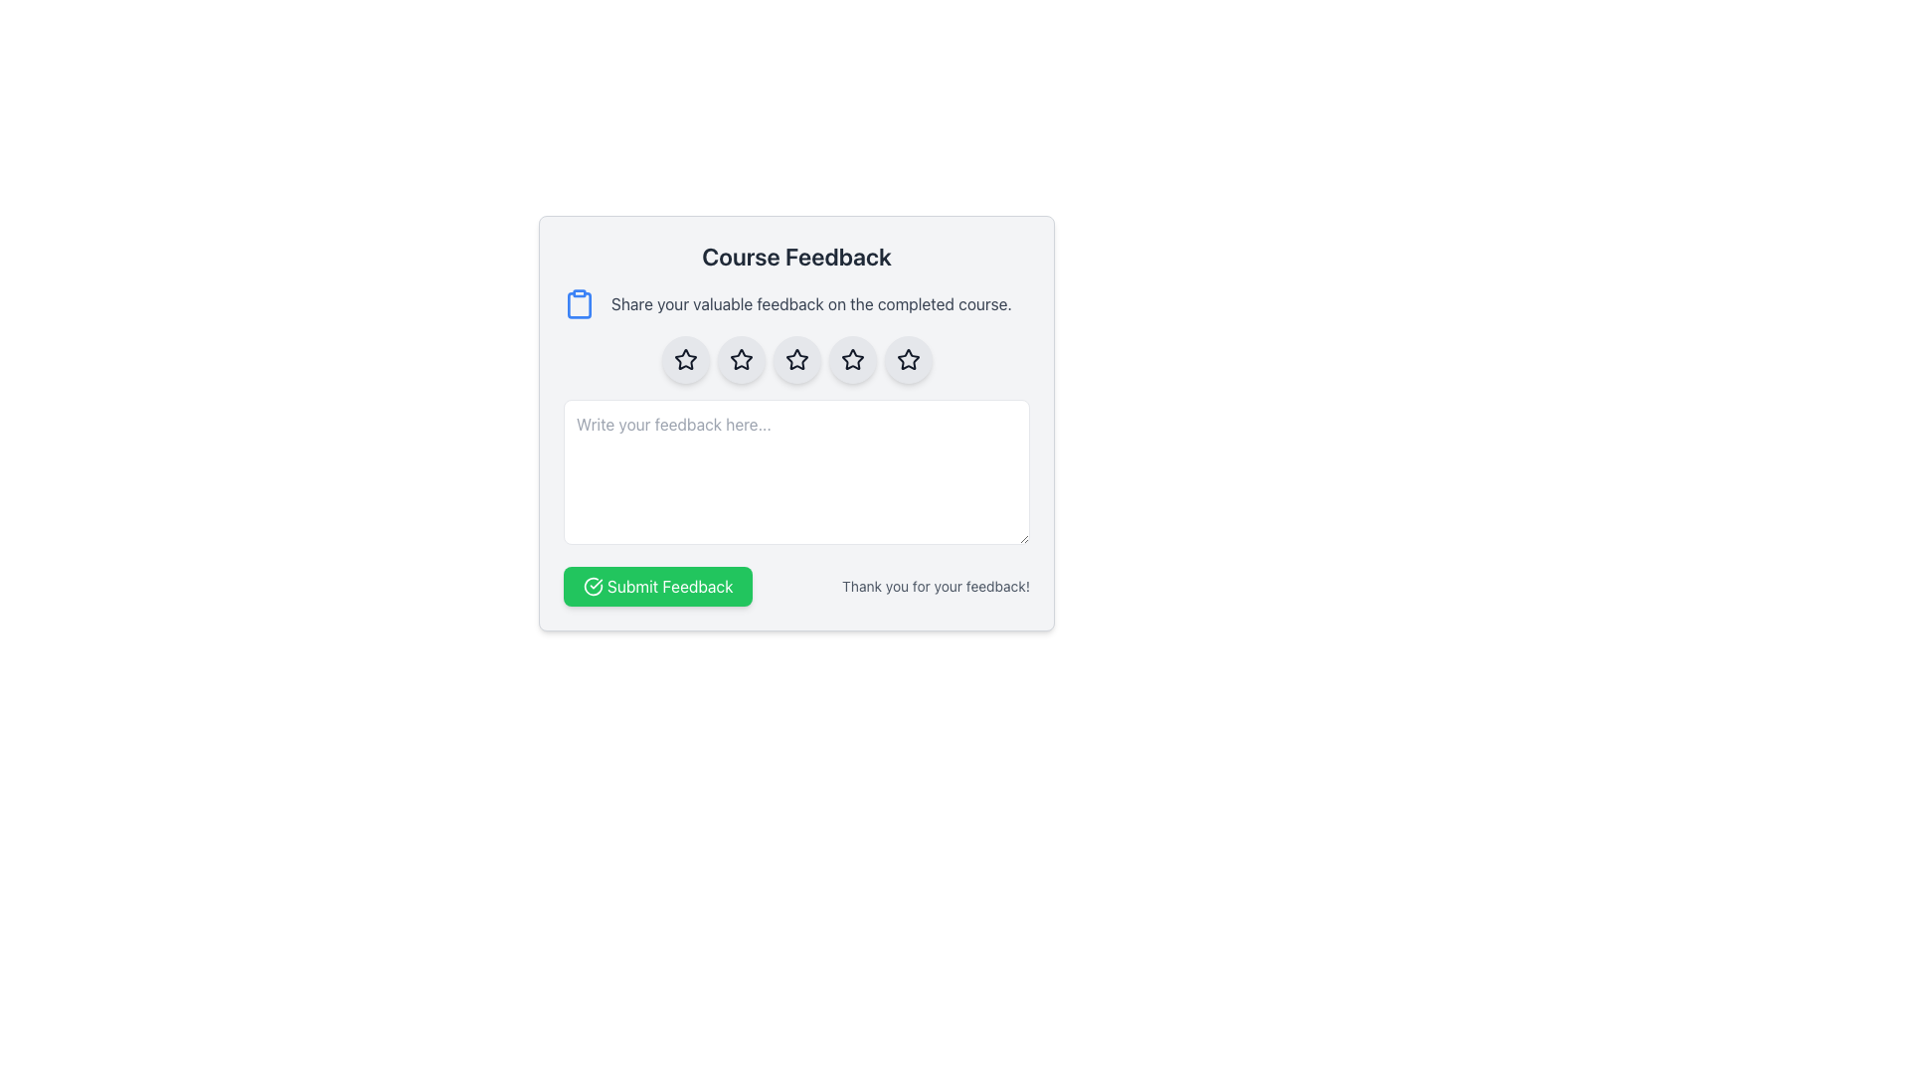  Describe the element at coordinates (685, 360) in the screenshot. I see `the second star-shaped interactive icon in the course feedback component` at that location.